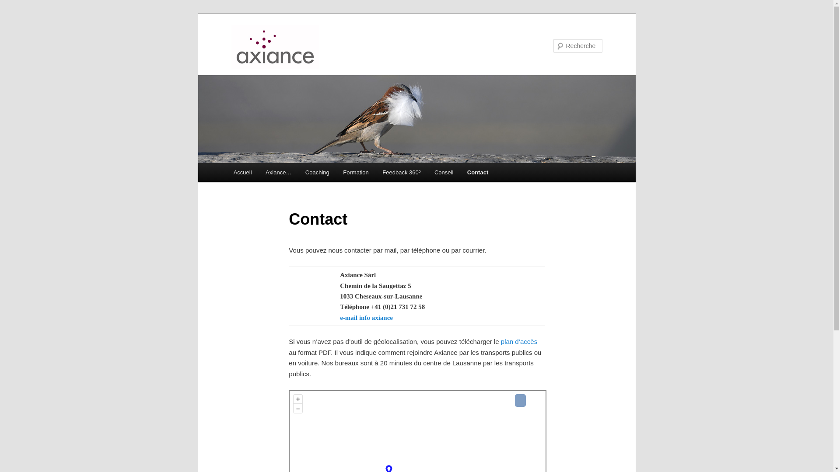 Image resolution: width=840 pixels, height=472 pixels. Describe the element at coordinates (366, 317) in the screenshot. I see `'e-mail info axiance'` at that location.